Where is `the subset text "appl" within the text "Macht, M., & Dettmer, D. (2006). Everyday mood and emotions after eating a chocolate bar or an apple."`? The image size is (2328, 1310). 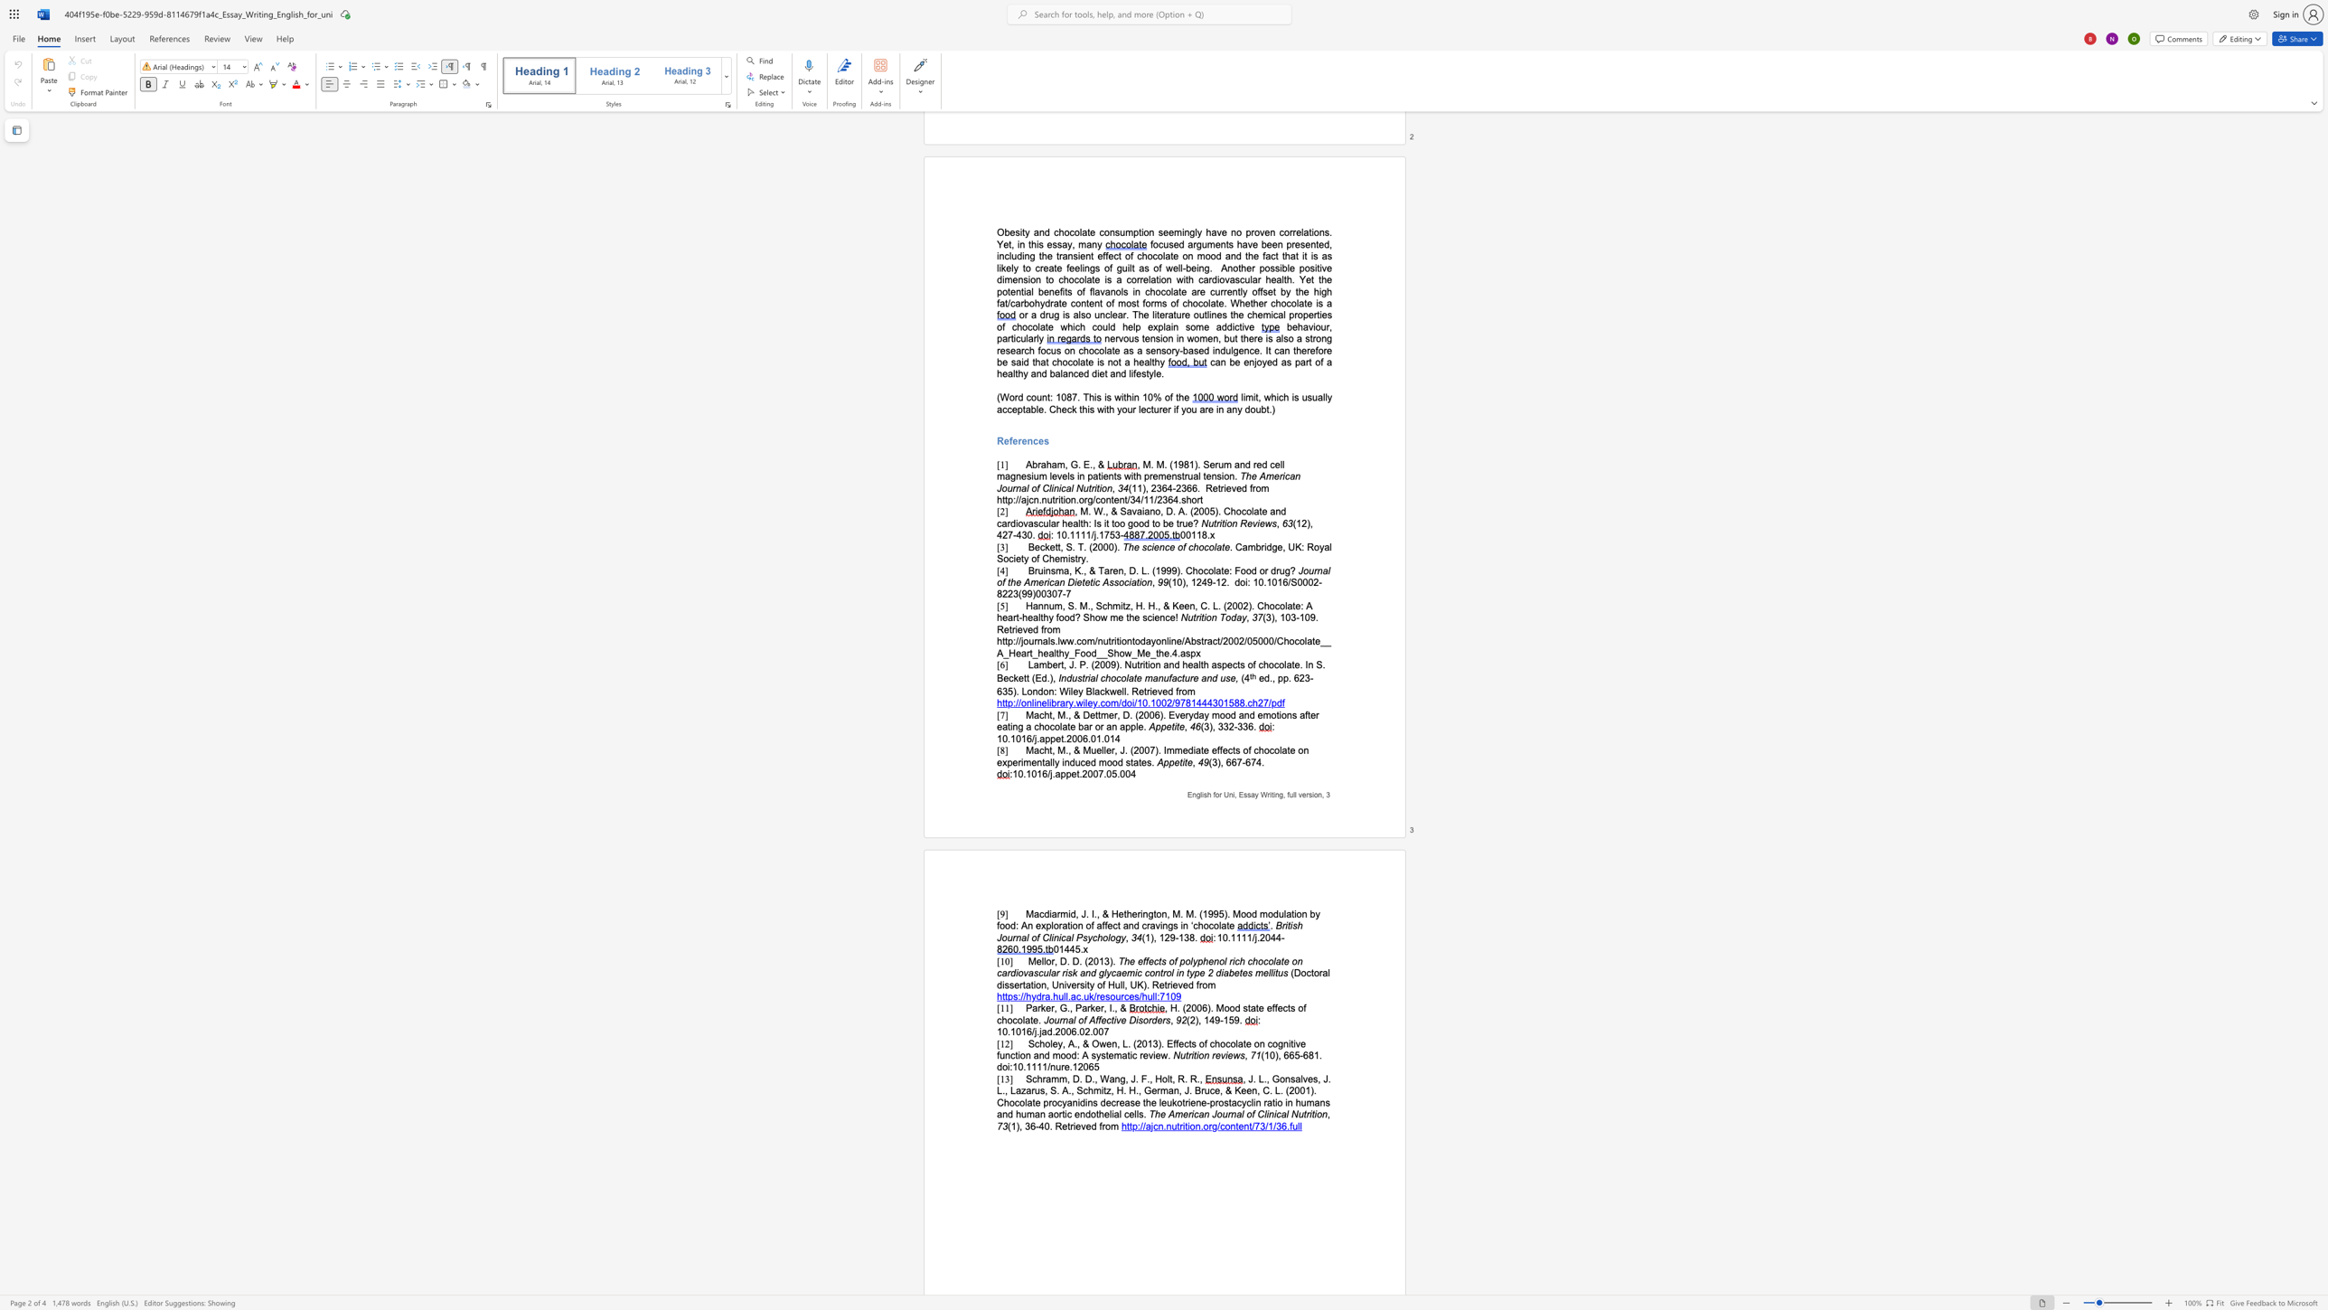
the subset text "appl" within the text "Macht, M., & Dettmer, D. (2006). Everyday mood and emotions after eating a chocolate bar or an apple." is located at coordinates (1119, 727).